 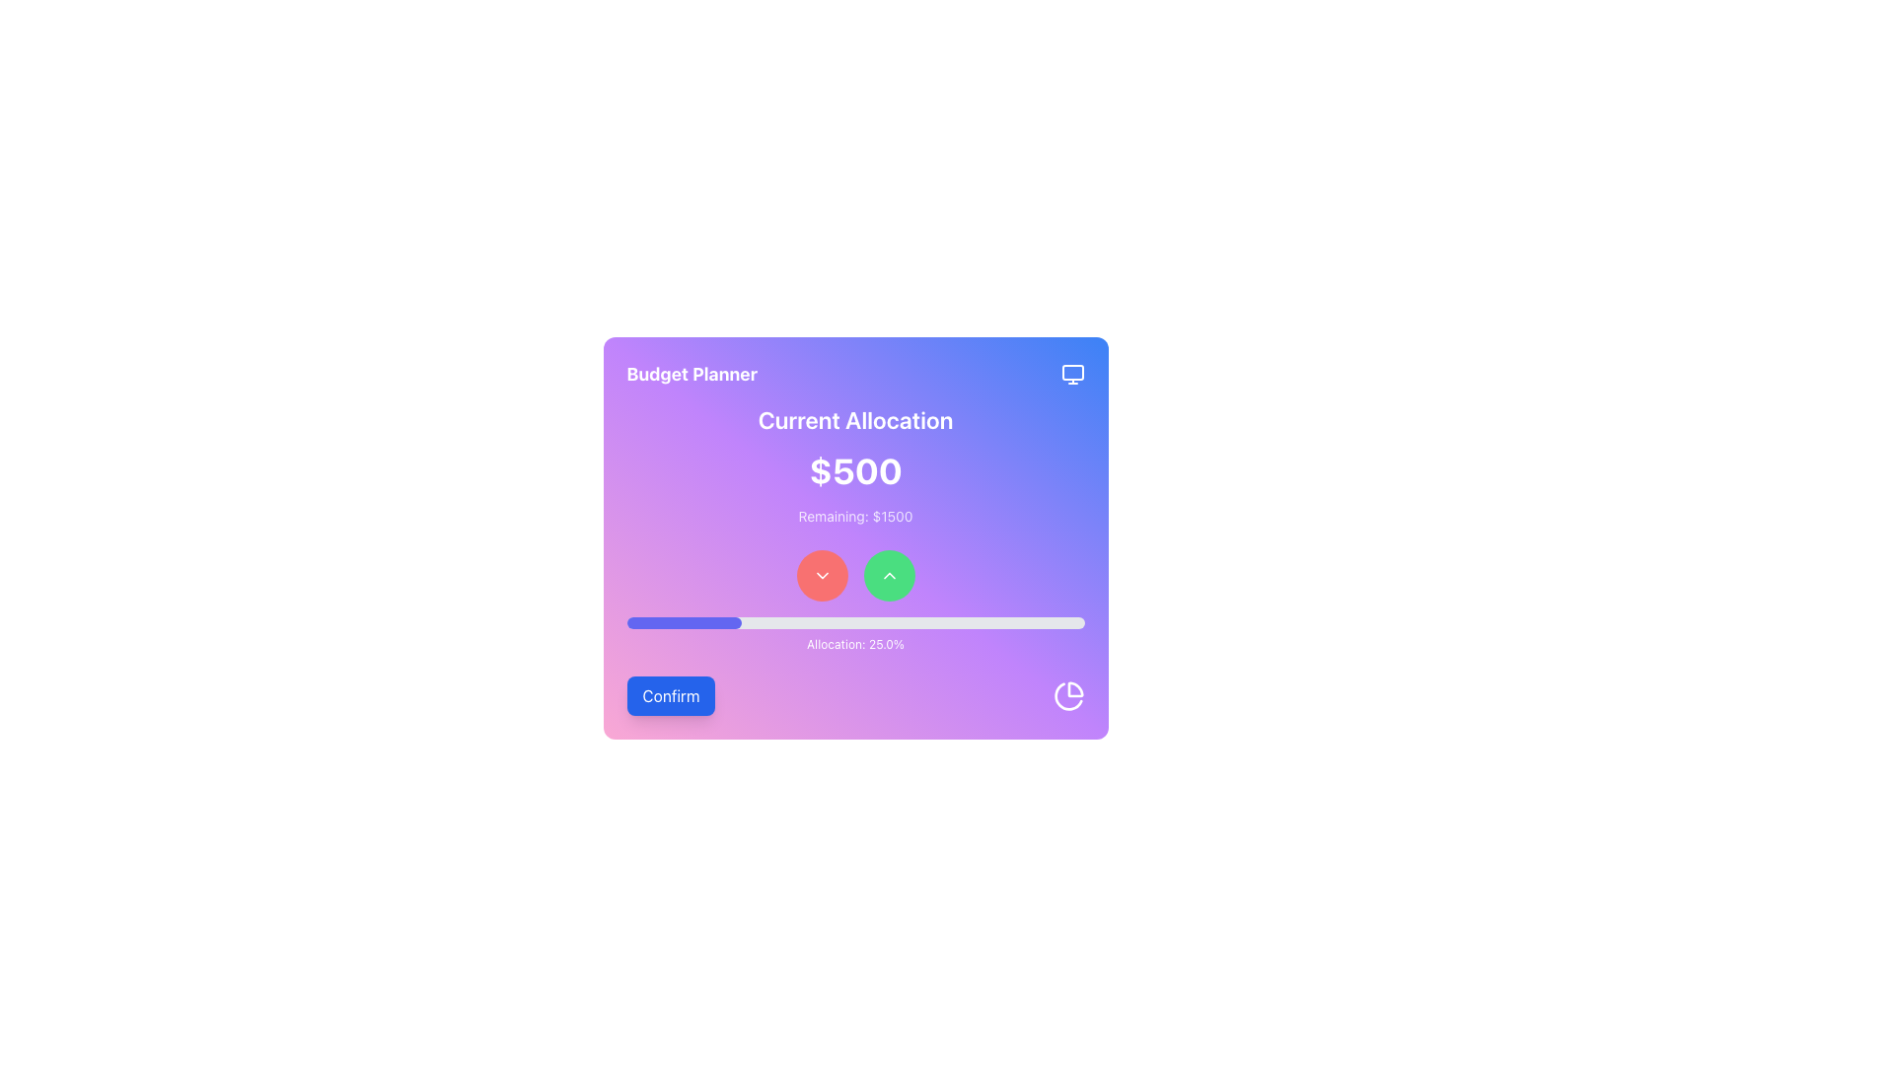 I want to click on the Text Display element that shows 'Current Allocation', '$500', and 'Remaining: $1500', which is centrally located with a gradient background, so click(x=855, y=464).